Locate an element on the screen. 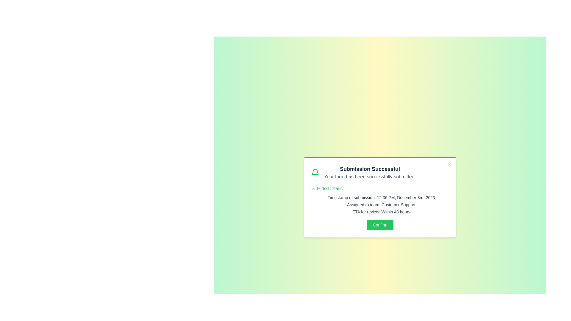 The image size is (571, 321). close button in the top-right corner of the alert is located at coordinates (450, 164).